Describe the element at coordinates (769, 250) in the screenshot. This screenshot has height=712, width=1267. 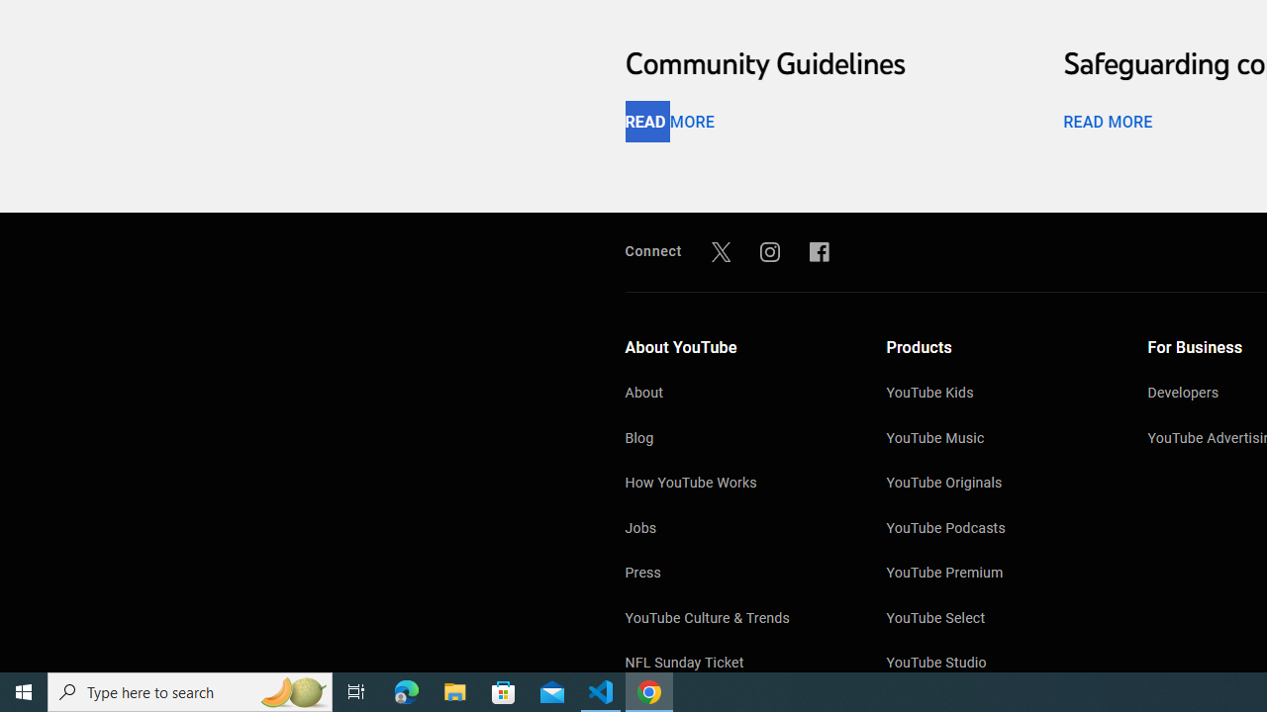
I see `'Instagram'` at that location.